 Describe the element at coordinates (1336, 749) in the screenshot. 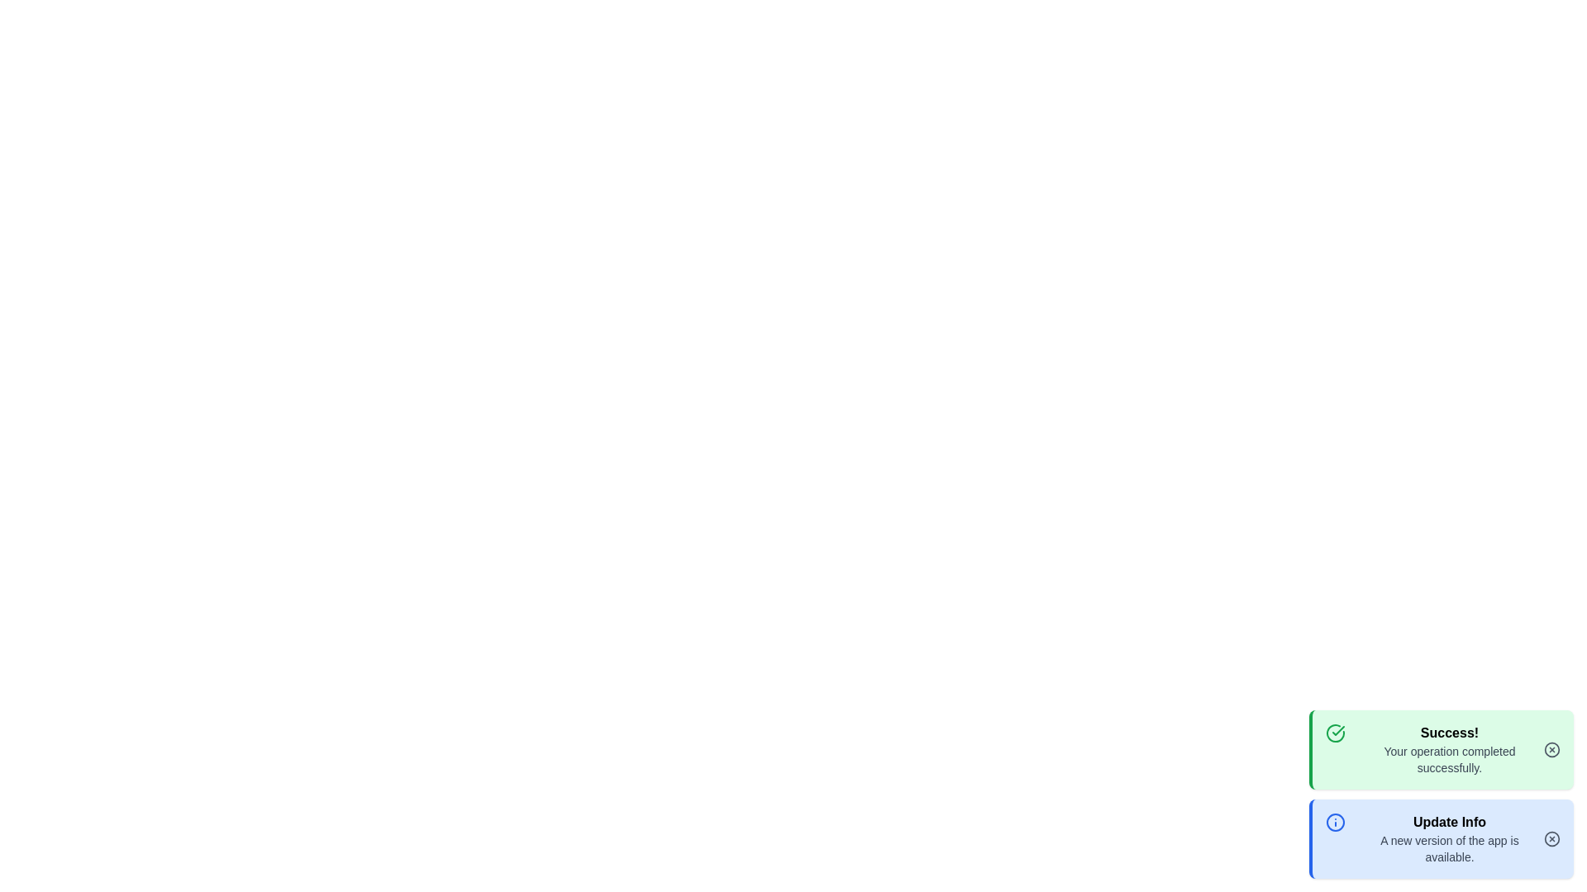

I see `the green checkmark icon within the green-highlighted notification box that indicates a successful operation` at that location.